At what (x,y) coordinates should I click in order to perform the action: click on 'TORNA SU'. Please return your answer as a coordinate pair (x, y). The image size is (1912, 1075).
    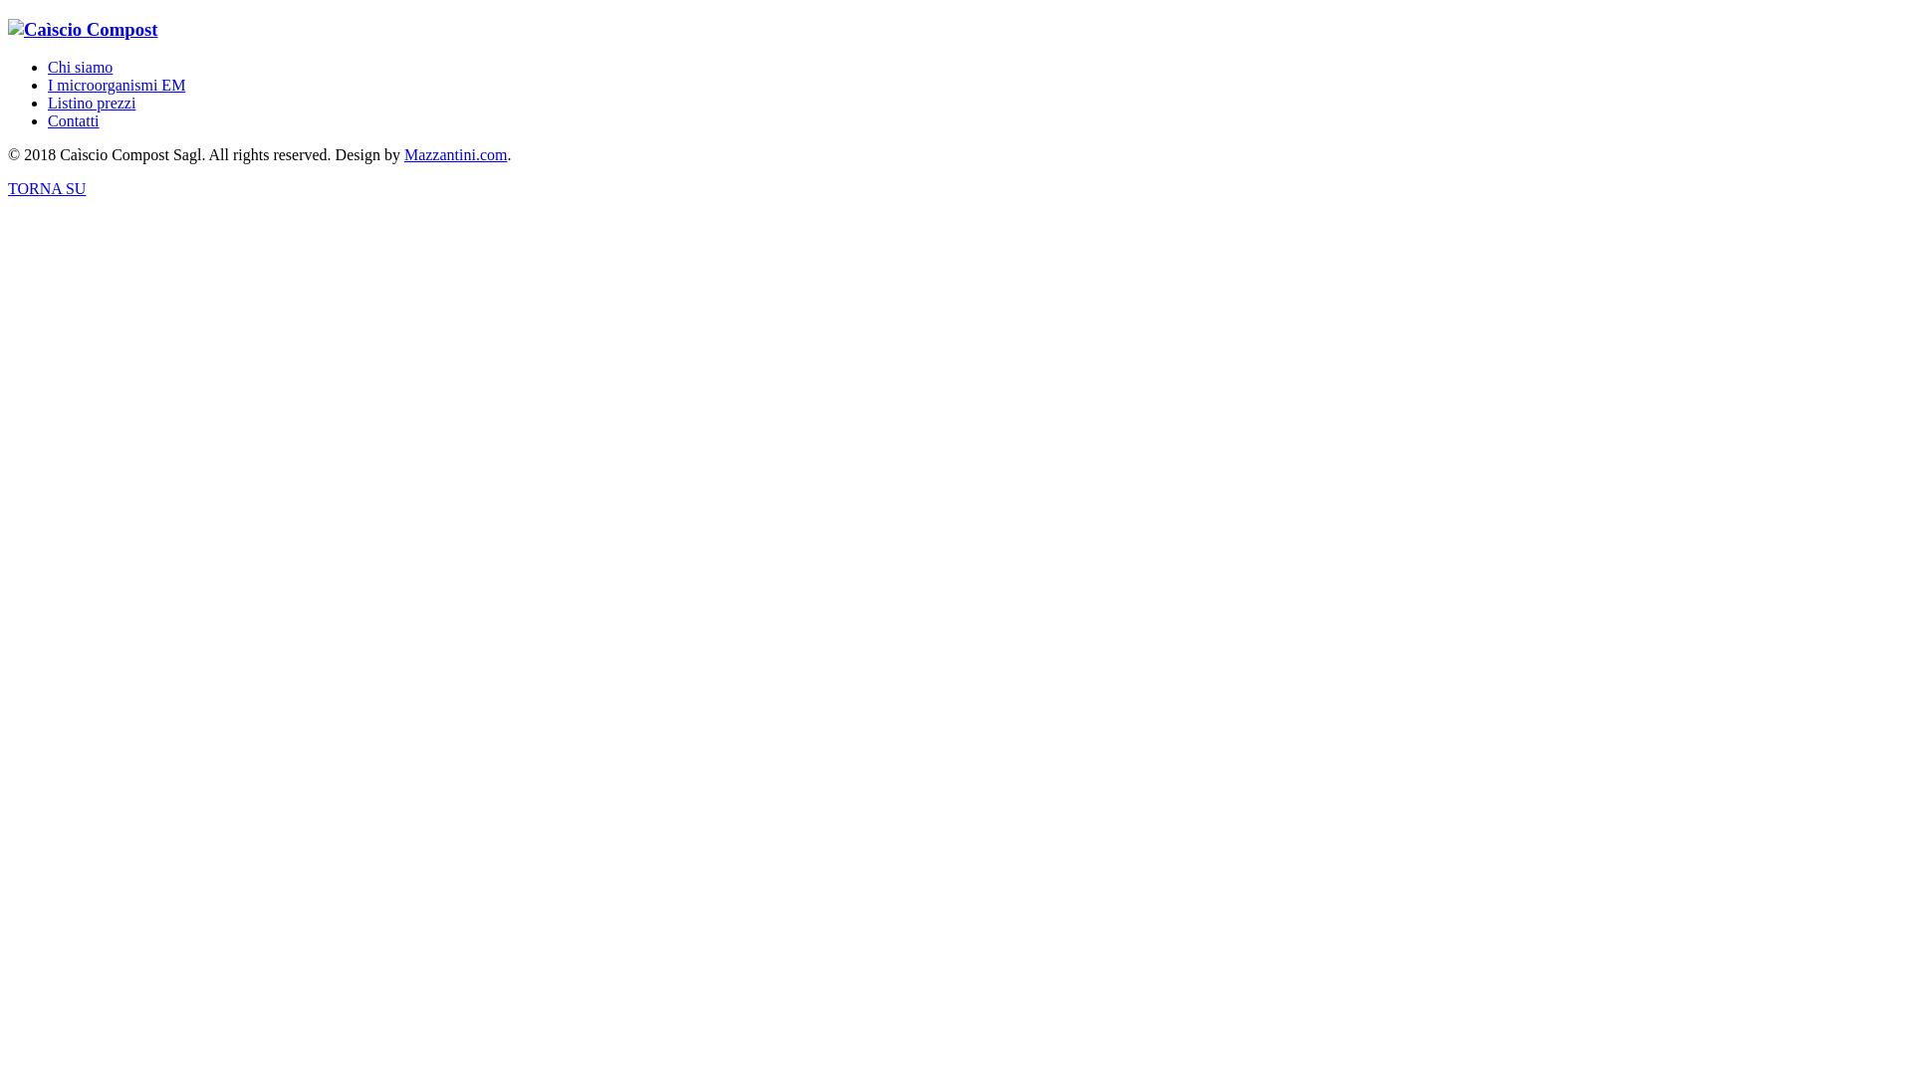
    Looking at the image, I should click on (47, 188).